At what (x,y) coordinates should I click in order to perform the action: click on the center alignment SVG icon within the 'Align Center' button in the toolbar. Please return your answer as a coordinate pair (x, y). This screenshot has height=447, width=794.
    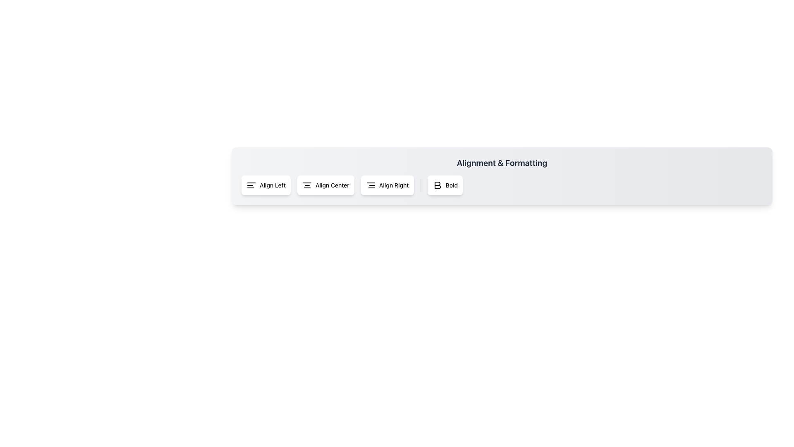
    Looking at the image, I should click on (307, 185).